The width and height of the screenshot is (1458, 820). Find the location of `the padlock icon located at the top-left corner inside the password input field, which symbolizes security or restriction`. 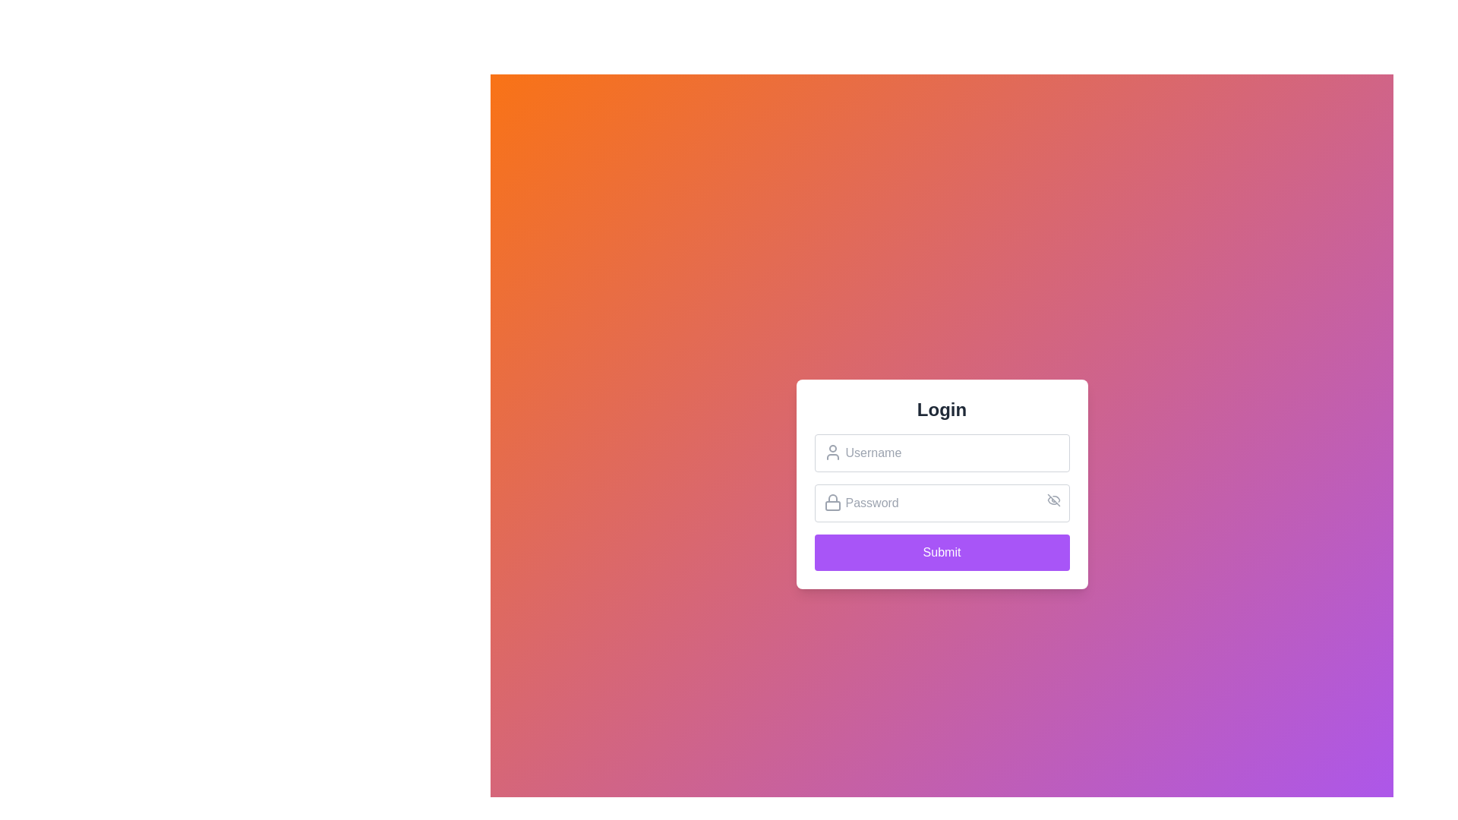

the padlock icon located at the top-left corner inside the password input field, which symbolizes security or restriction is located at coordinates (832, 503).